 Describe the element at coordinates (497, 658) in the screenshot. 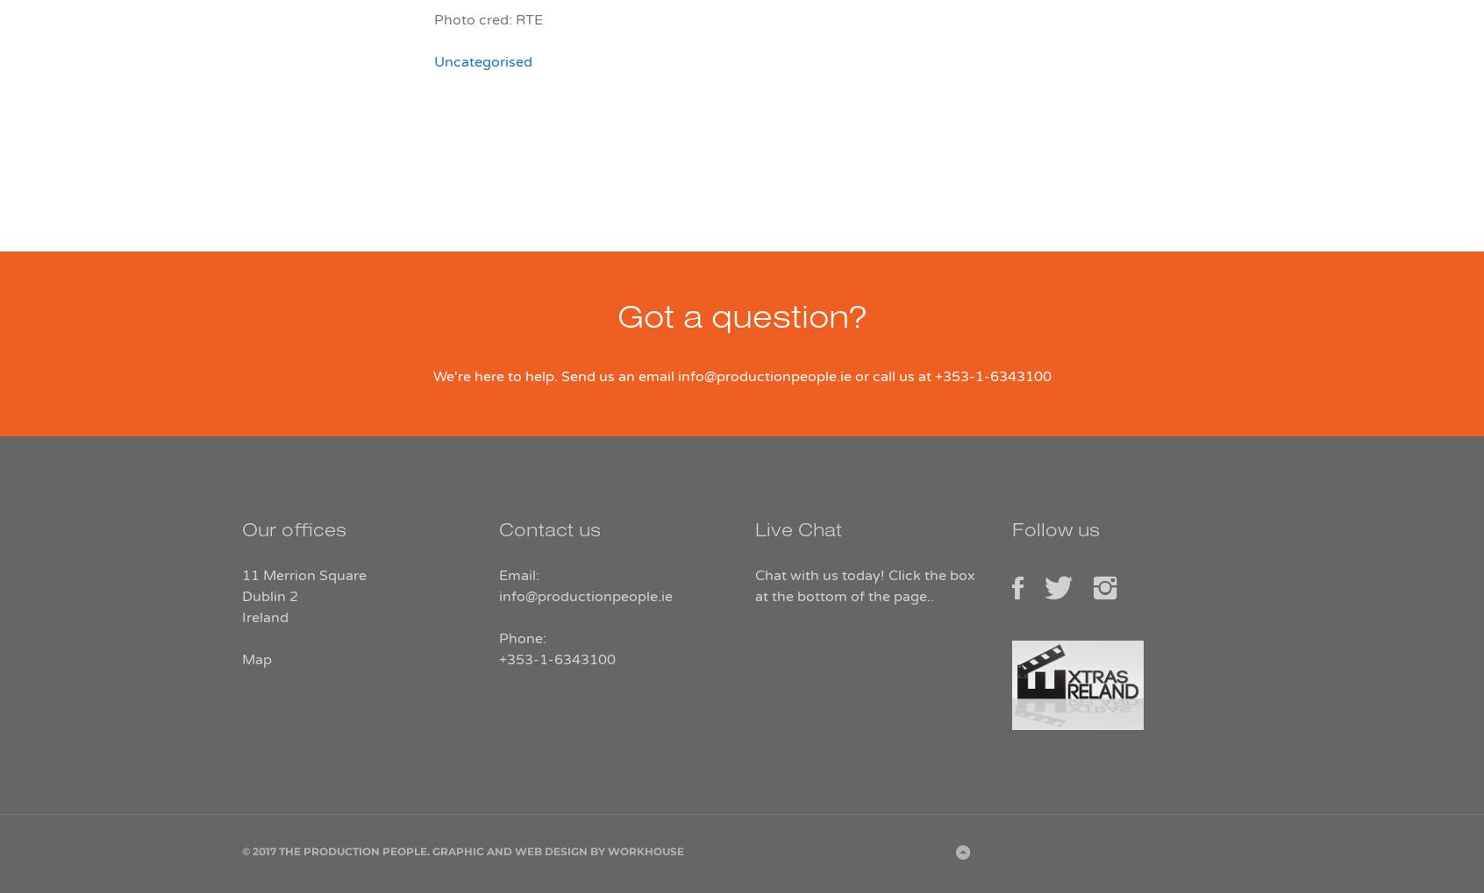

I see `'+353-1-6343100'` at that location.